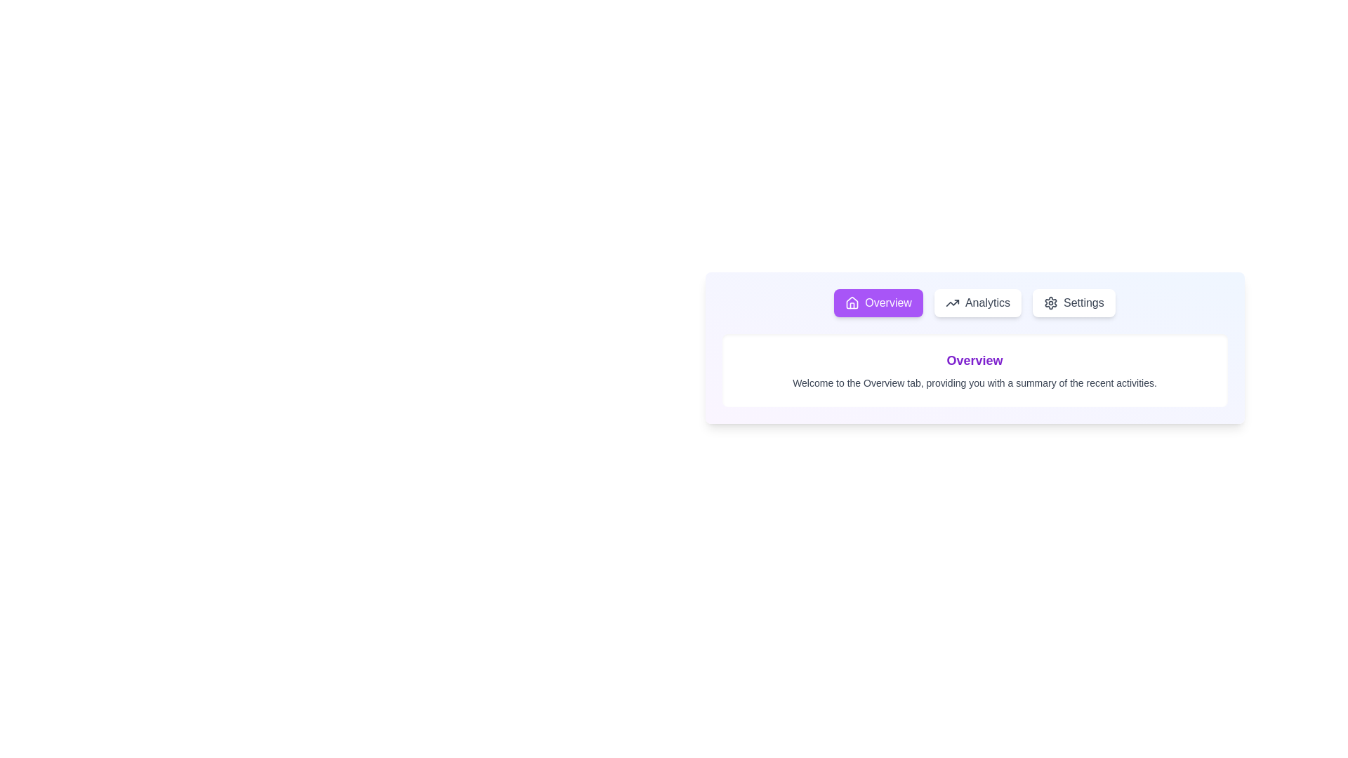 This screenshot has width=1348, height=758. I want to click on the house-shaped icon embedded in the purple 'Overview' button located at the center of the upper section of the interface, so click(852, 302).